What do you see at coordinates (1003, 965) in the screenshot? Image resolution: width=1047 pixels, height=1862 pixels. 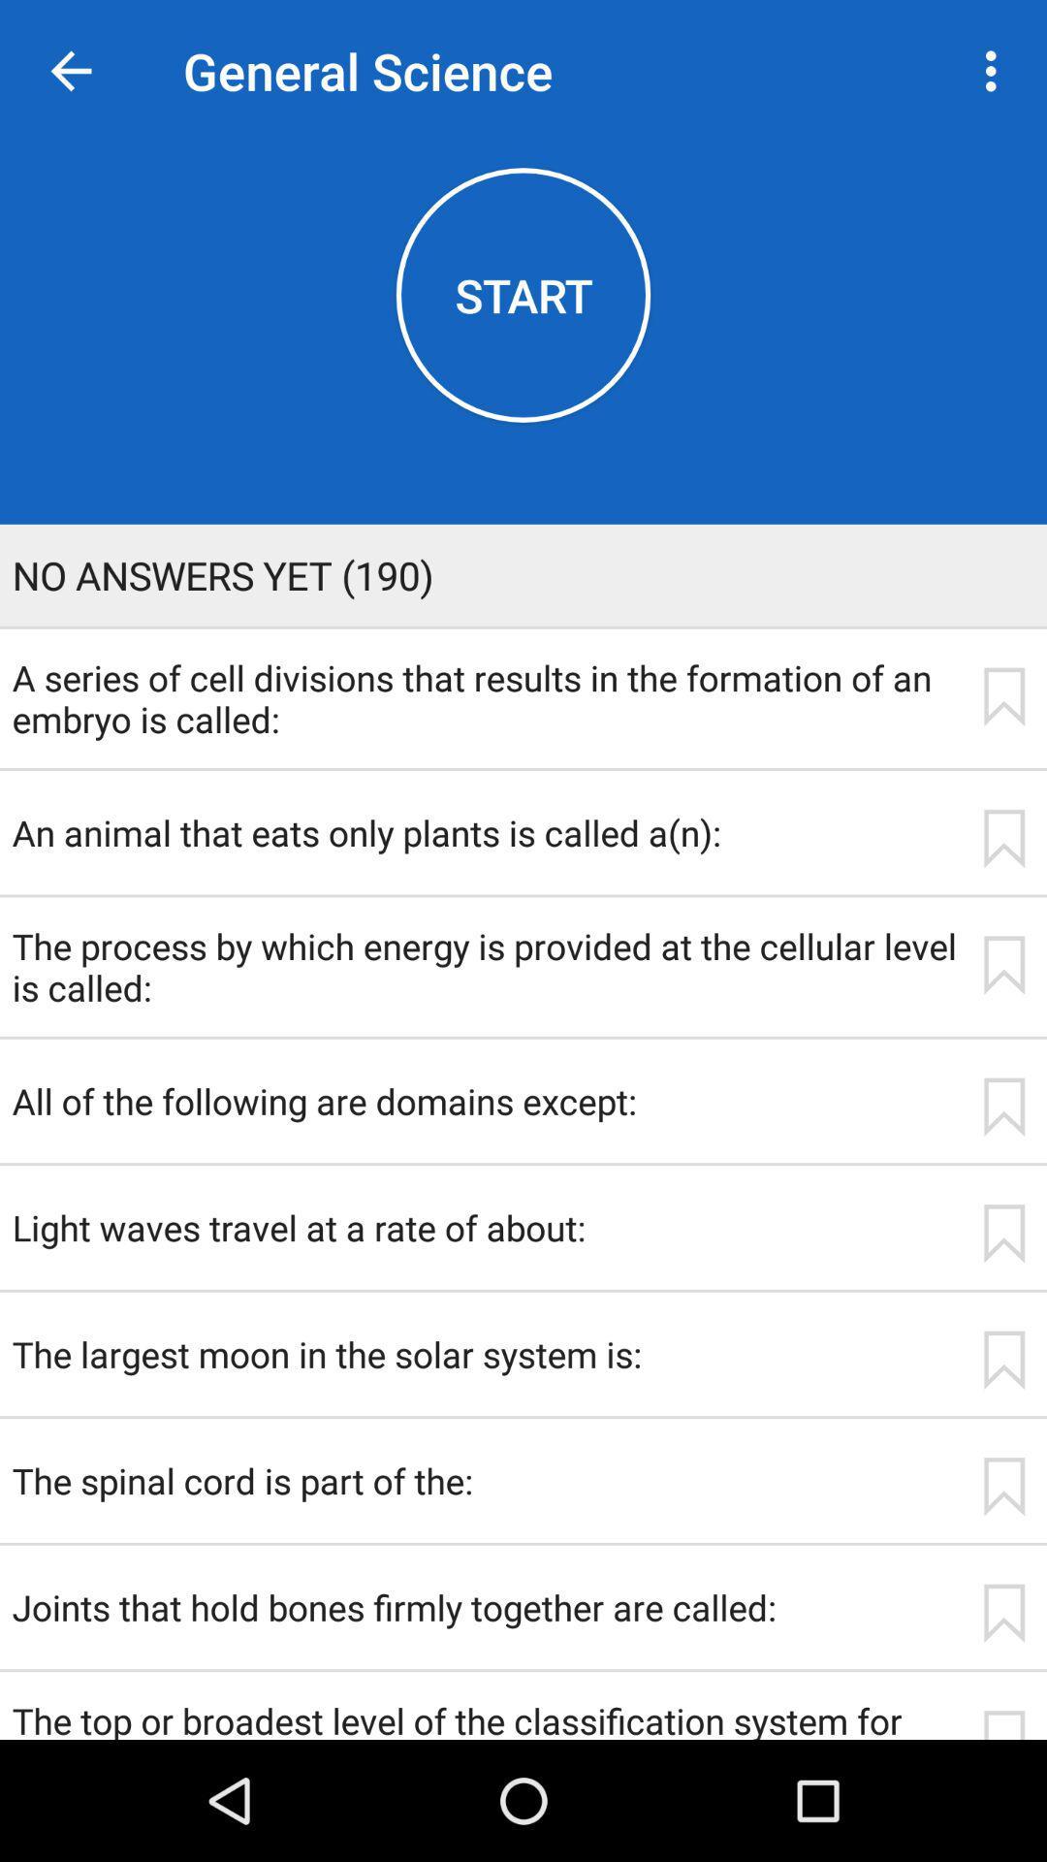 I see `app next to the the process by app` at bounding box center [1003, 965].